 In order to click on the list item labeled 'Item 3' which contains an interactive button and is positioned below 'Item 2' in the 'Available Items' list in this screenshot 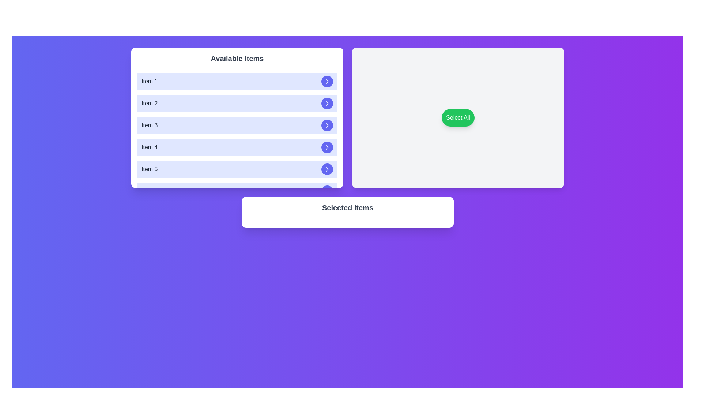, I will do `click(237, 125)`.